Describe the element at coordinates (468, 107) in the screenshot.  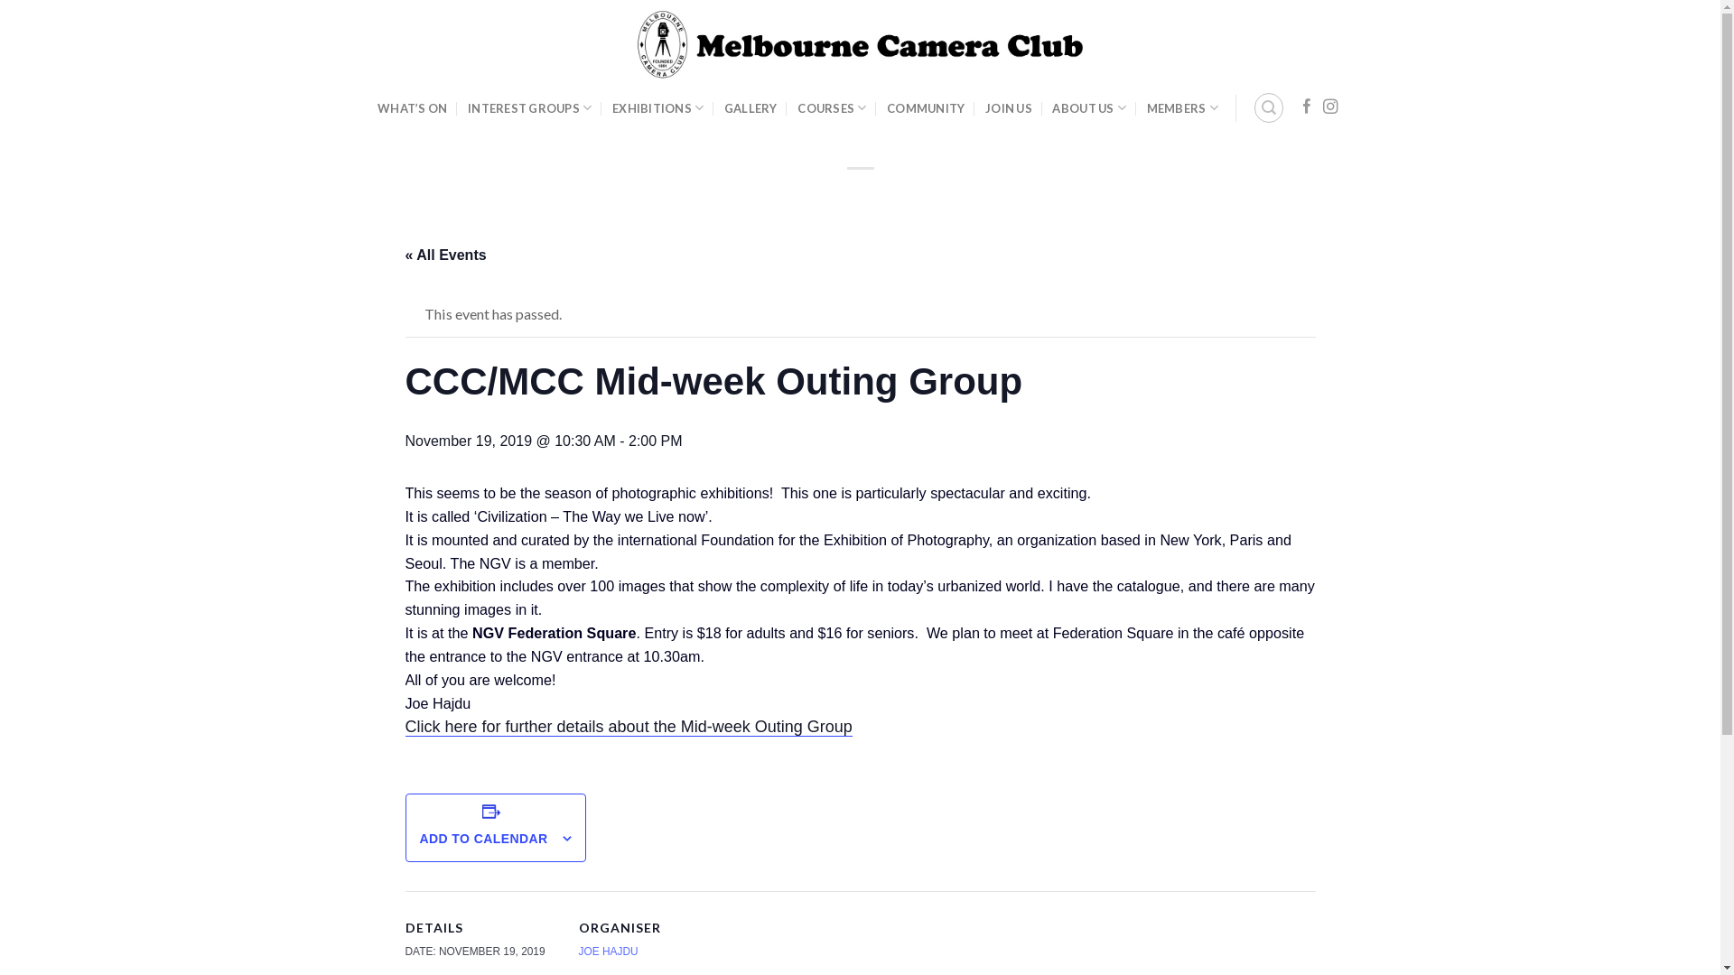
I see `'INTEREST GROUPS'` at that location.